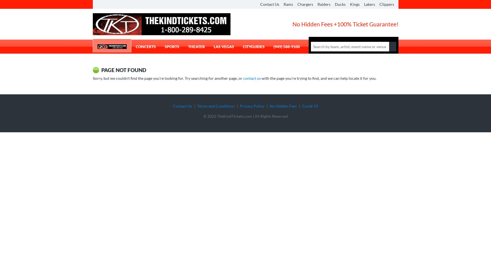 This screenshot has height=275, width=491. I want to click on 'contact us', so click(251, 78).